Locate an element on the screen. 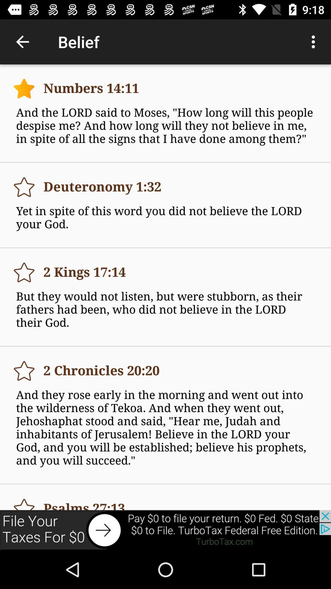 This screenshot has width=331, height=589. button is located at coordinates (24, 501).